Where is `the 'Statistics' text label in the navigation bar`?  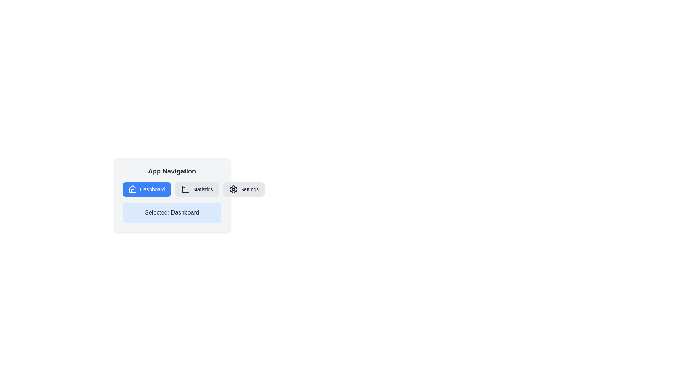 the 'Statistics' text label in the navigation bar is located at coordinates (203, 189).